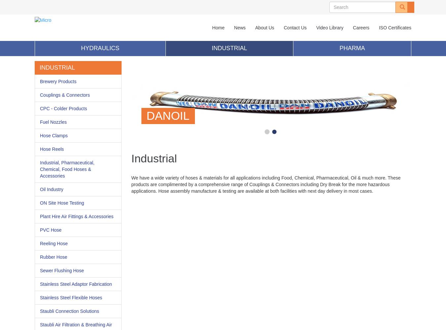 The width and height of the screenshot is (446, 330). I want to click on 'About Us', so click(264, 27).